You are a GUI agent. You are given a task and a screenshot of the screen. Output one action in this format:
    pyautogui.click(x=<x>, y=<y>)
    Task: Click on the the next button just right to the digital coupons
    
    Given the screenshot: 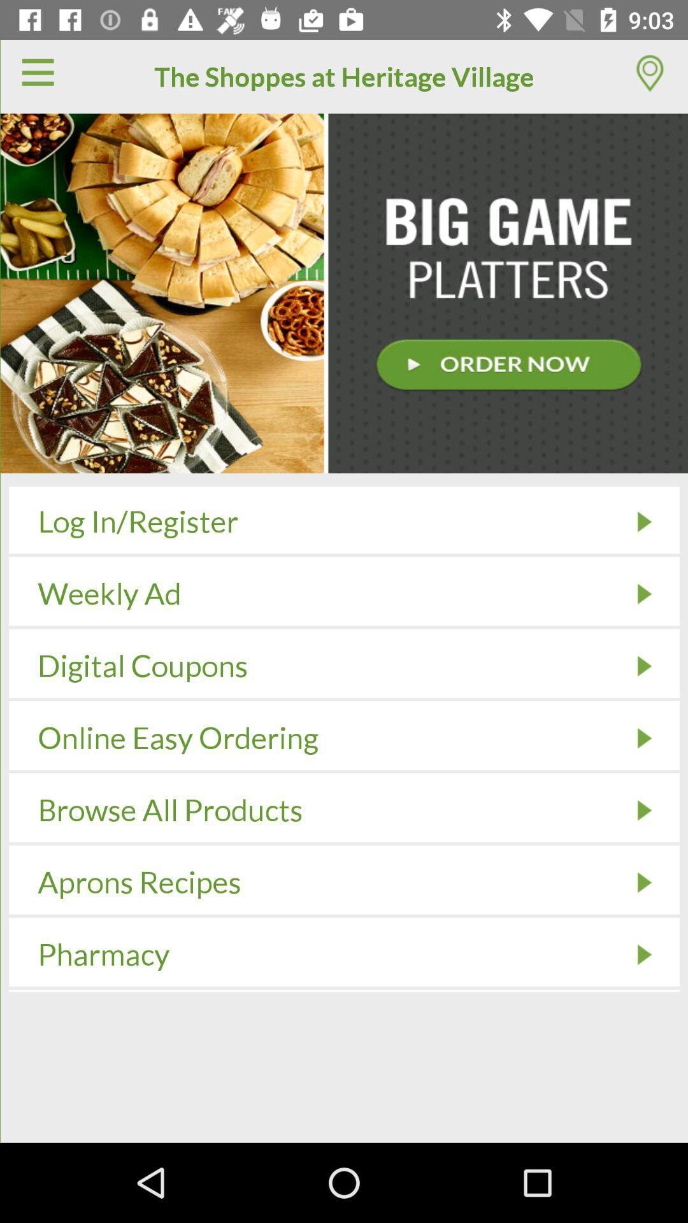 What is the action you would take?
    pyautogui.click(x=644, y=666)
    